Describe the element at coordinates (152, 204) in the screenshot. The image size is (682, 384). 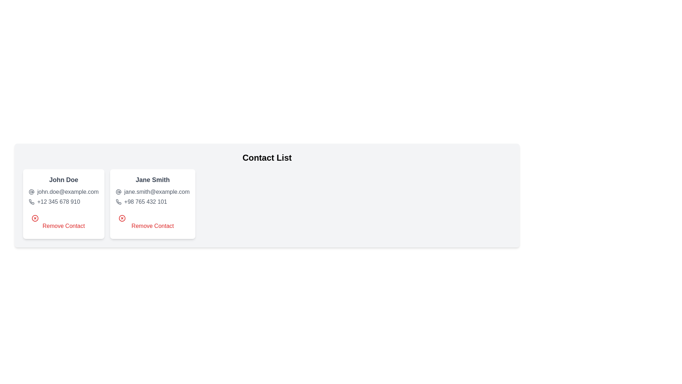
I see `the contact card of Jane Smith to open context menu options` at that location.